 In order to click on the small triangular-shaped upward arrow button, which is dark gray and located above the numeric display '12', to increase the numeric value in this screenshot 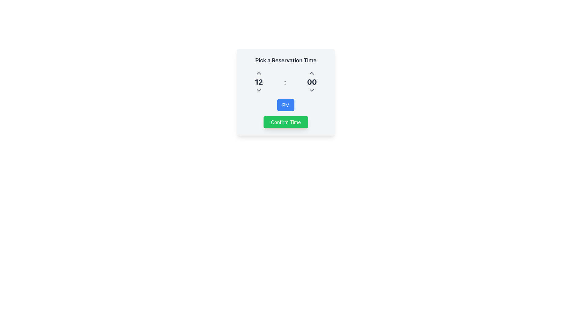, I will do `click(259, 73)`.